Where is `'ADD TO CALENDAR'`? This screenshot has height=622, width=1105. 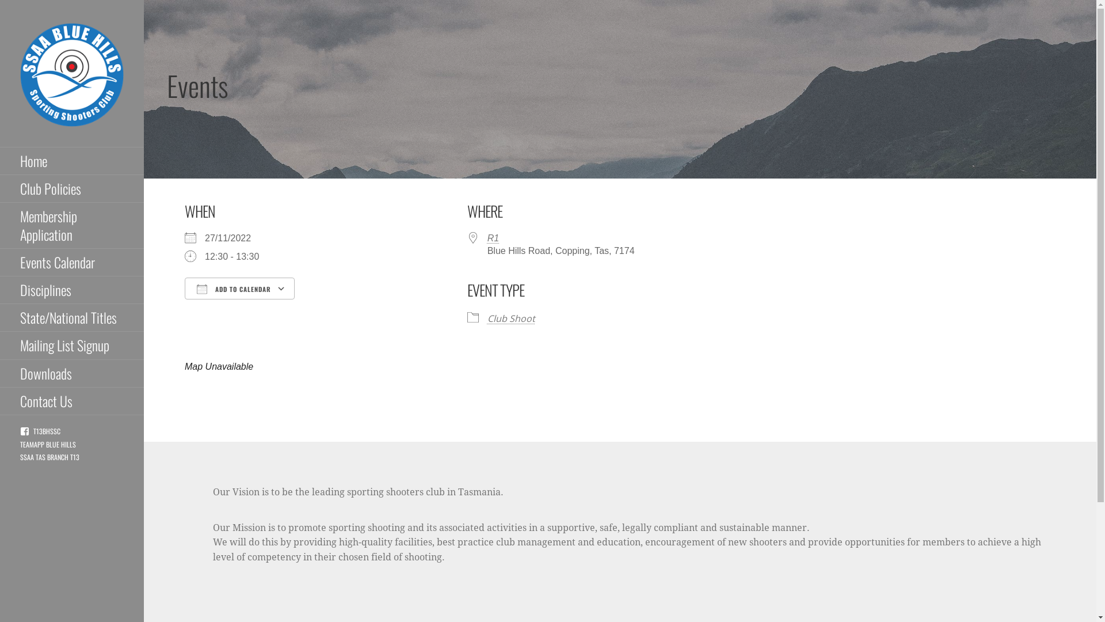
'ADD TO CALENDAR' is located at coordinates (185, 288).